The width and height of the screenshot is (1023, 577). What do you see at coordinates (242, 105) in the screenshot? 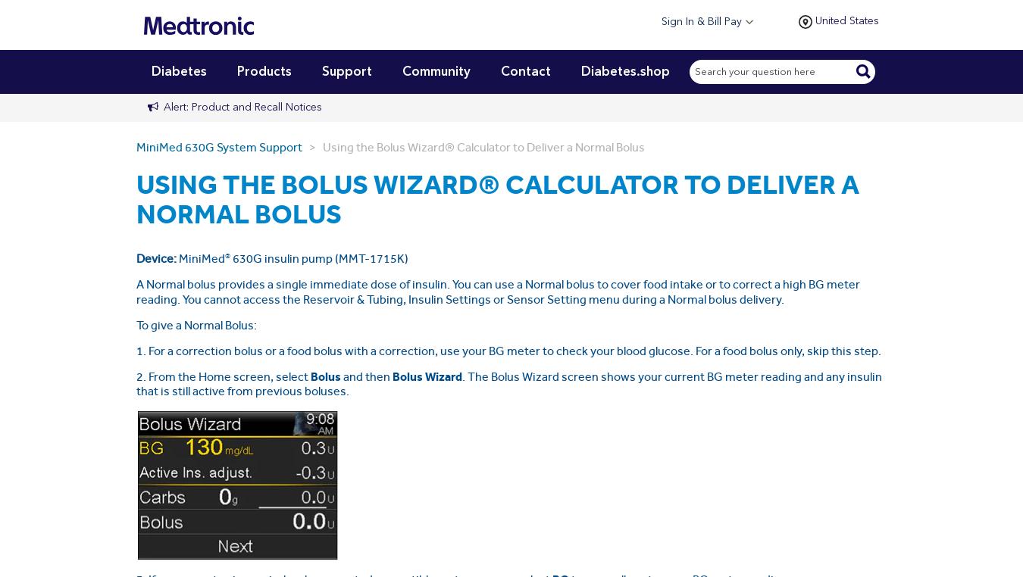
I see `'Alert: Product and Recall Notices'` at bounding box center [242, 105].